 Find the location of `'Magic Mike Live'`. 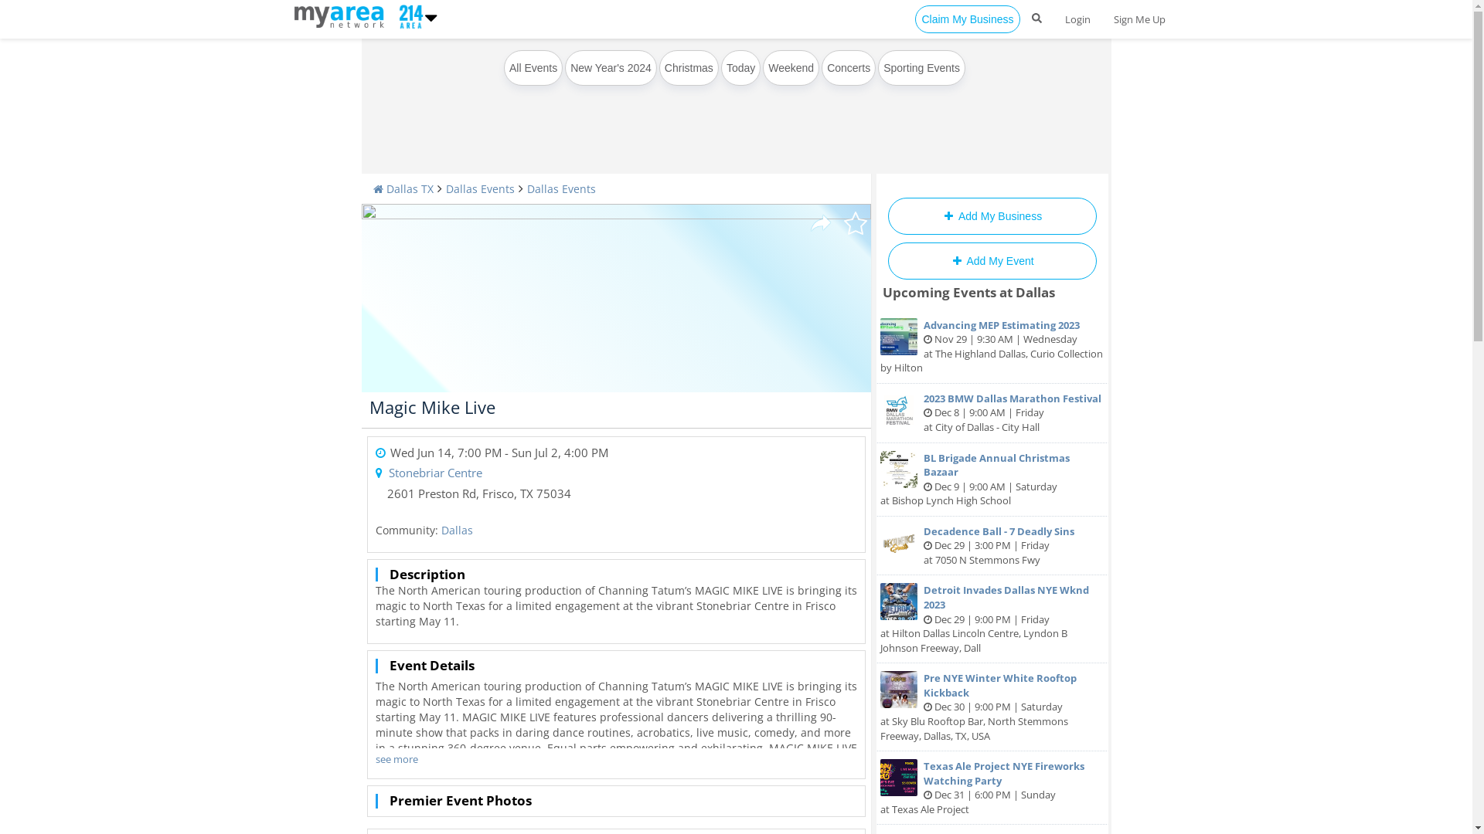

'Magic Mike Live' is located at coordinates (432, 406).